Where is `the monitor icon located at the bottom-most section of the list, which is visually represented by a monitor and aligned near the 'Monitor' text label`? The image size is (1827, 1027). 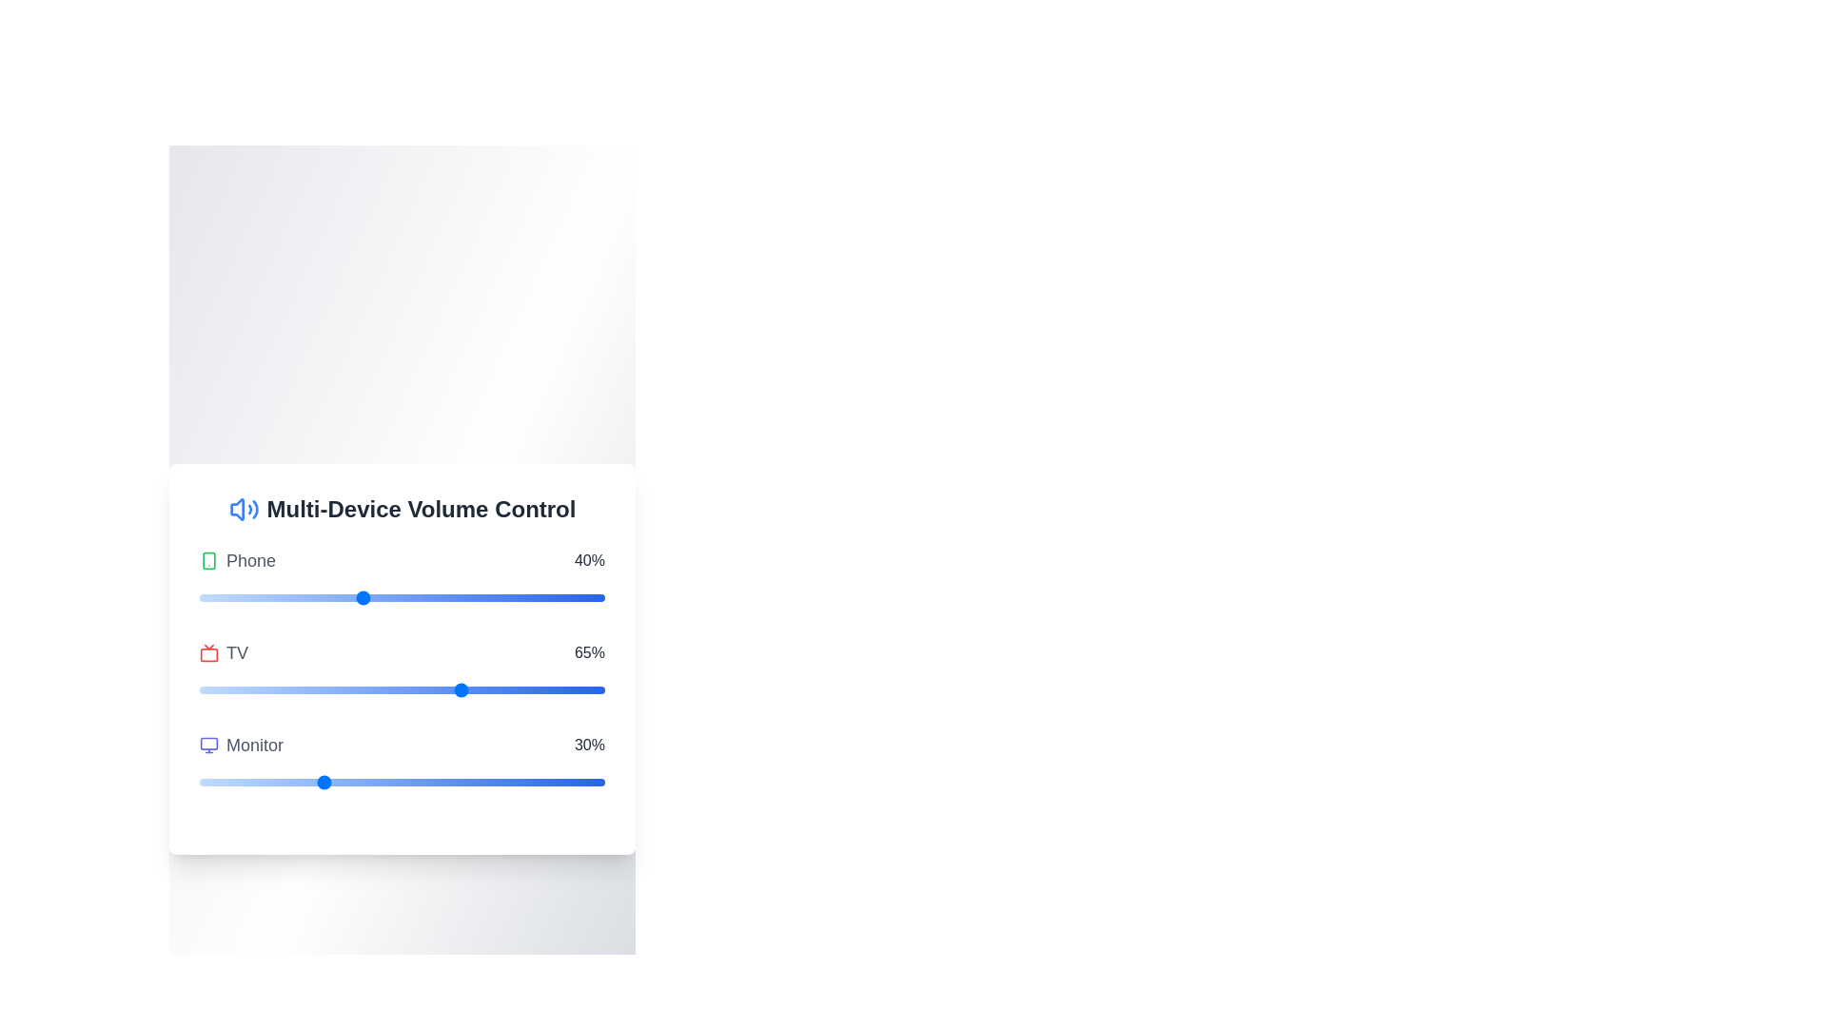
the monitor icon located at the bottom-most section of the list, which is visually represented by a monitor and aligned near the 'Monitor' text label is located at coordinates (209, 744).